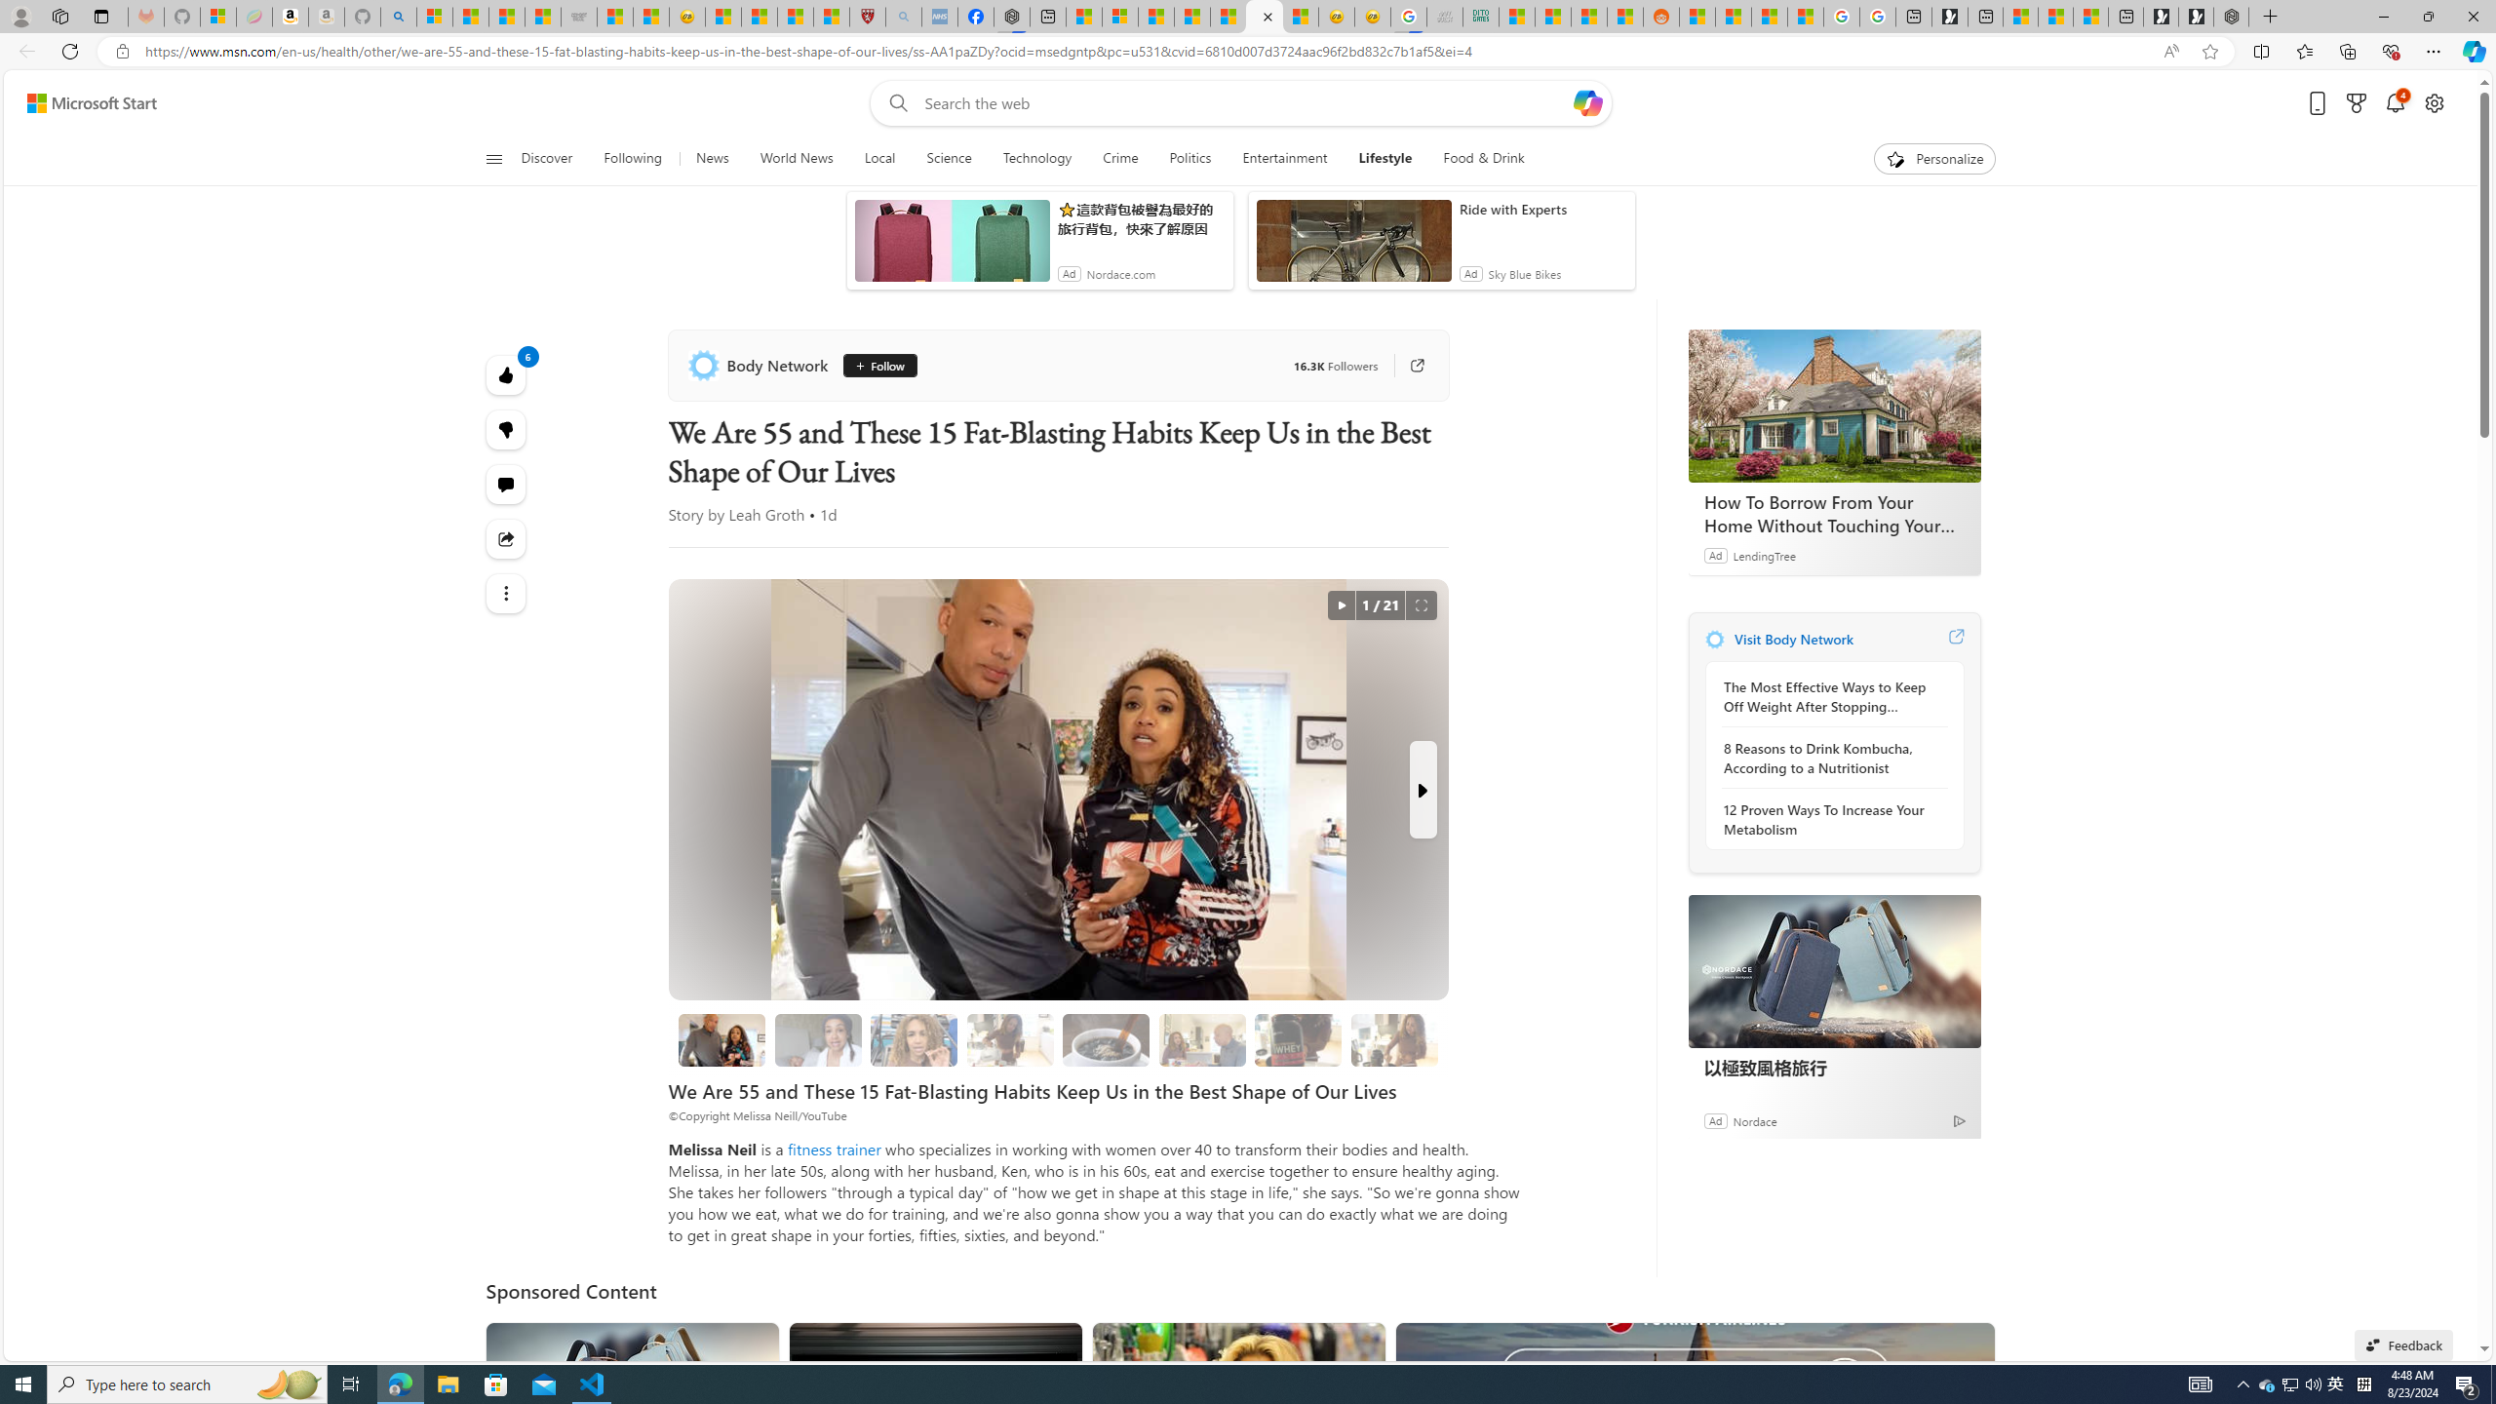  Describe the element at coordinates (1009, 1039) in the screenshot. I see `'3 They Drink Lemon Tea'` at that location.